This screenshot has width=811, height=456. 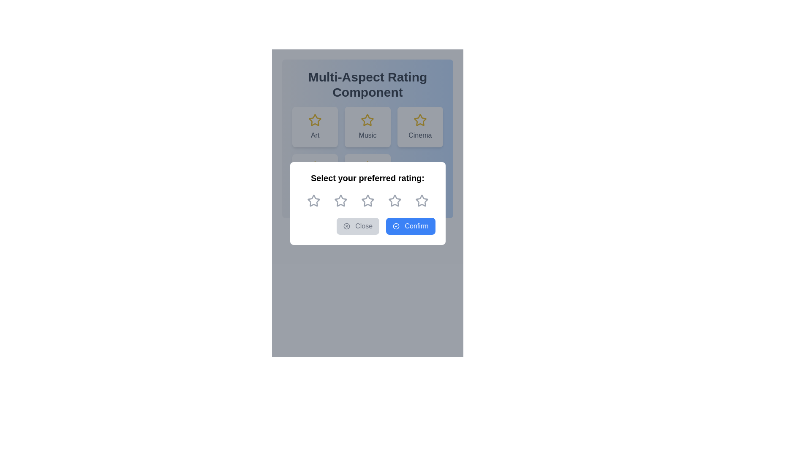 I want to click on the second star in the rating component of the modal dialog, so click(x=367, y=200).